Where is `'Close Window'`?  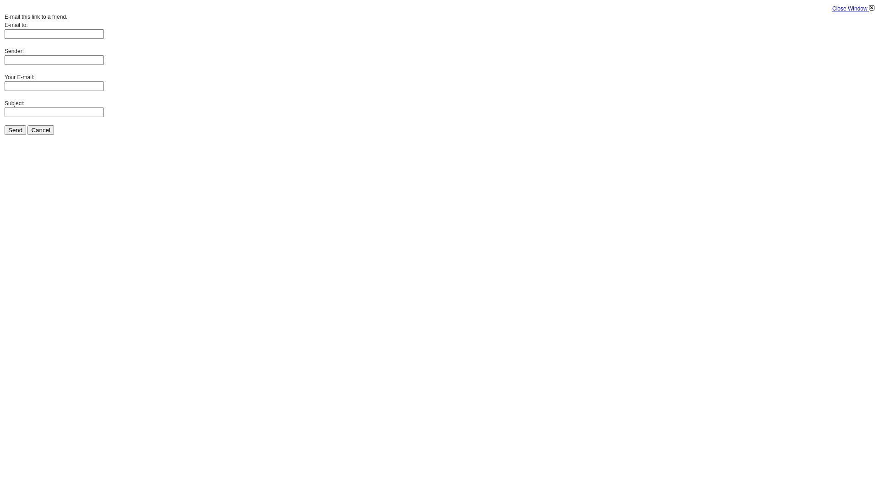 'Close Window' is located at coordinates (852, 9).